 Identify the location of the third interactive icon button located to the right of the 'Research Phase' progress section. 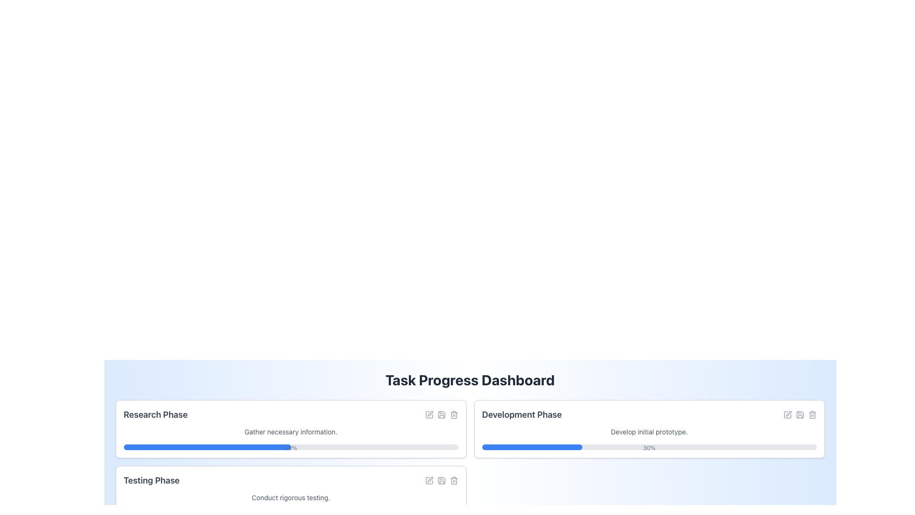
(453, 414).